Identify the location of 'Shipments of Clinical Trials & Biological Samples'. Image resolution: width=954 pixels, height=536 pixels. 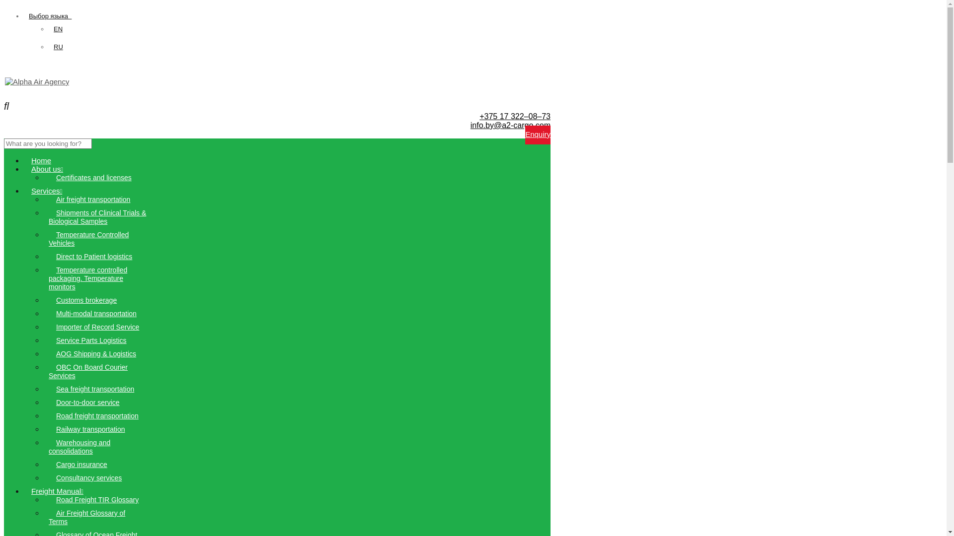
(97, 216).